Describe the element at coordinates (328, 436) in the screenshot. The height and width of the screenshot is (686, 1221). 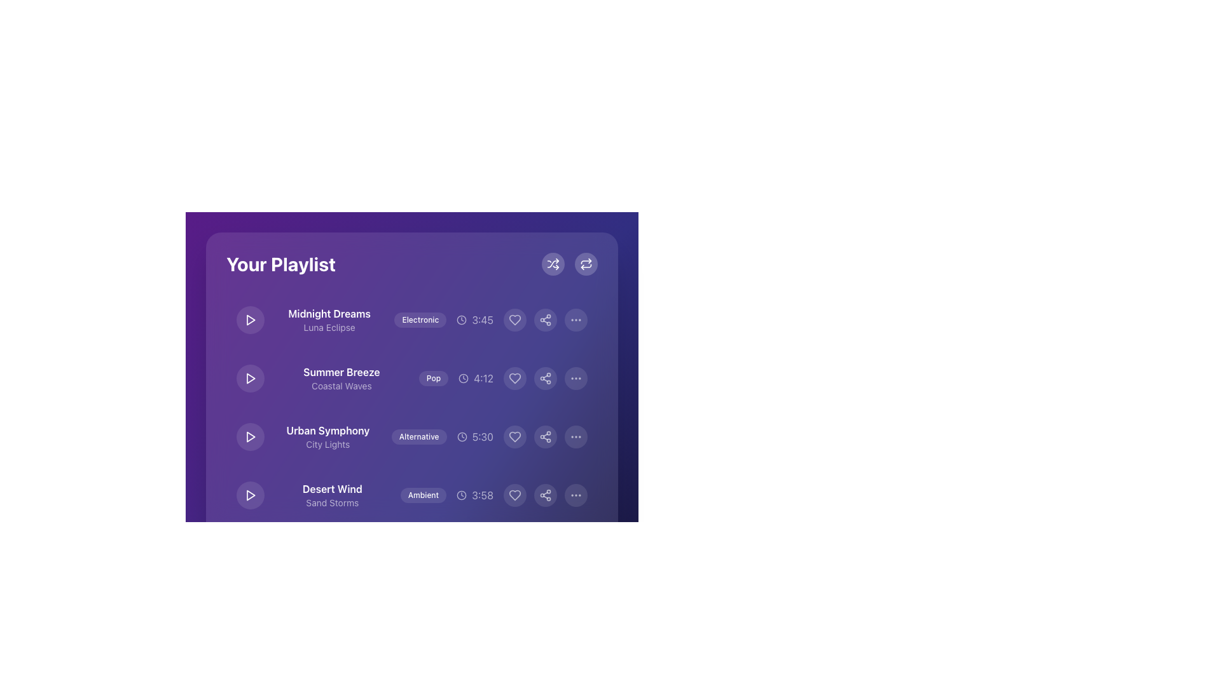
I see `information displayed in the Text Label titled 'Urban Symphony' with the subtitle 'City Lights' which is the third entry in the playlist, located between 'Summer Breeze' and 'Desert Wind'` at that location.